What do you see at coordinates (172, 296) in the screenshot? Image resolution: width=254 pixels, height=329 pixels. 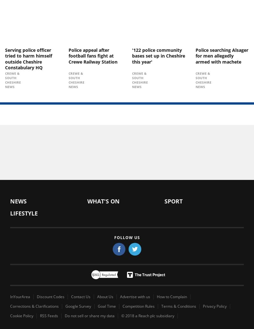 I see `'How to Complain'` at bounding box center [172, 296].